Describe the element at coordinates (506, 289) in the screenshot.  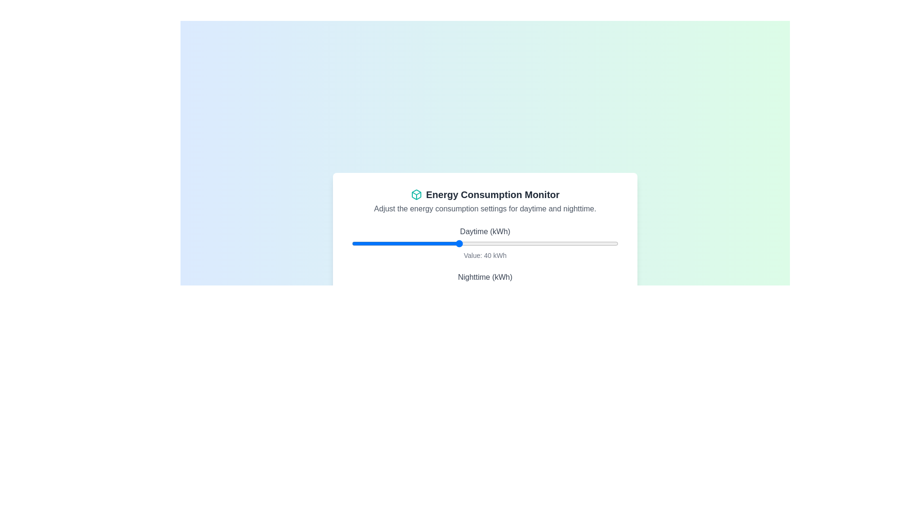
I see `the nighttime energy consumption slider to 58 kWh` at that location.